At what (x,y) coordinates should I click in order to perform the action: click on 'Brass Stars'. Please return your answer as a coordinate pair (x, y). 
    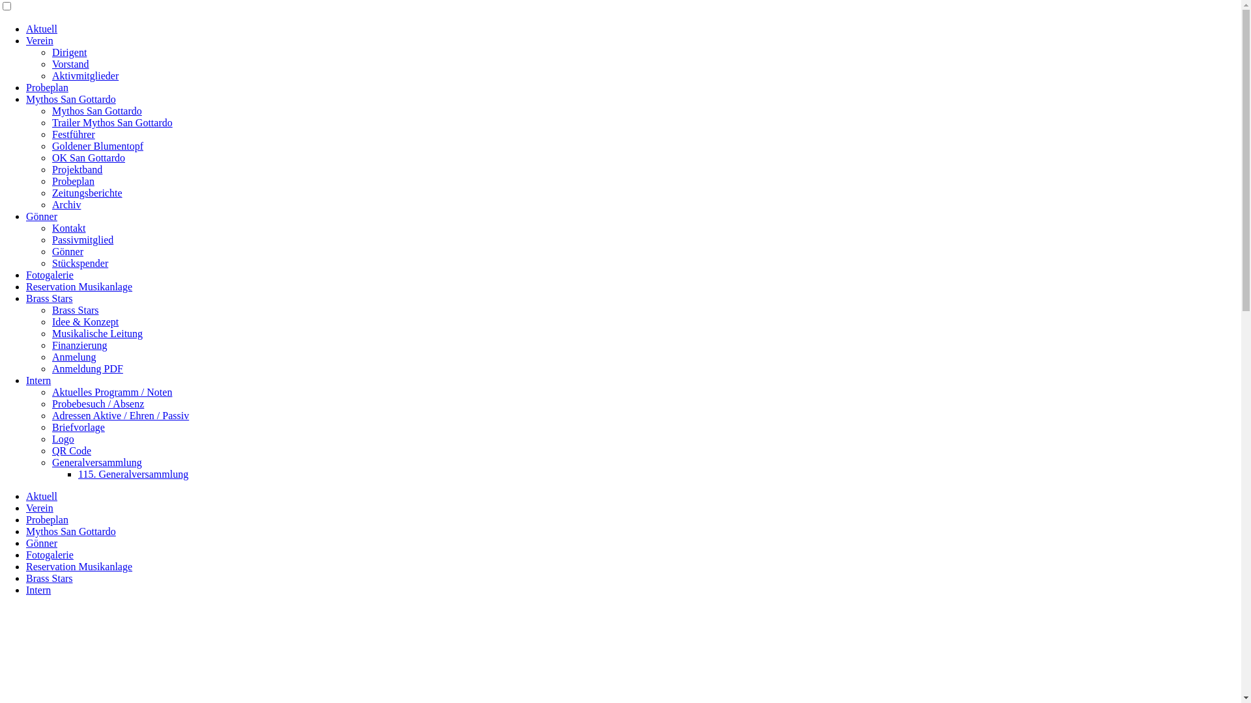
    Looking at the image, I should click on (50, 298).